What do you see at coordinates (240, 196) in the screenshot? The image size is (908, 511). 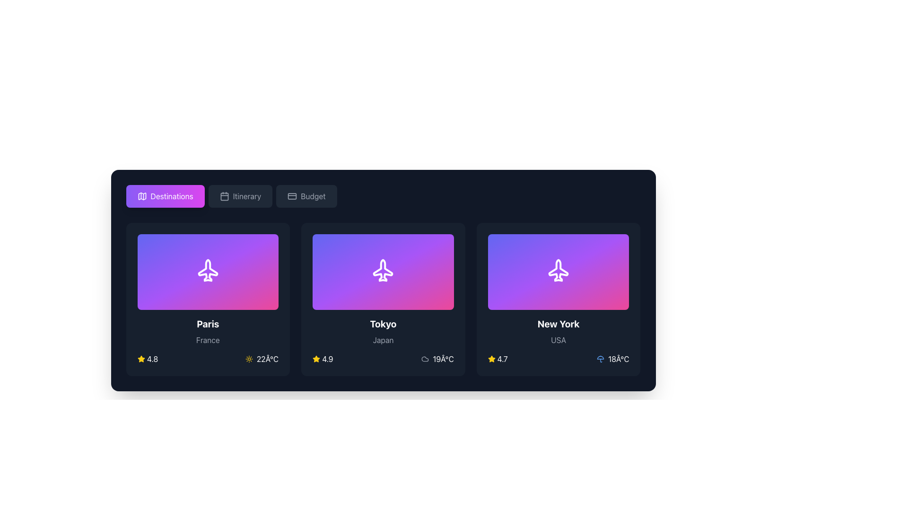 I see `the 'Itinerary' button, which is a rectangular button with a dark gray background and a calendar icon` at bounding box center [240, 196].